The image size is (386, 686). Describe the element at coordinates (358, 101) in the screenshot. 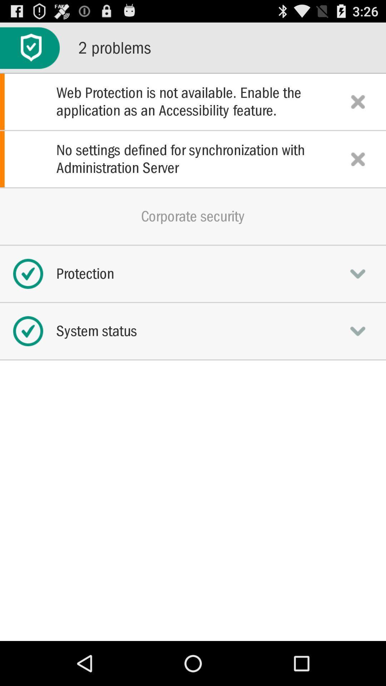

I see `enables the accessibility function` at that location.